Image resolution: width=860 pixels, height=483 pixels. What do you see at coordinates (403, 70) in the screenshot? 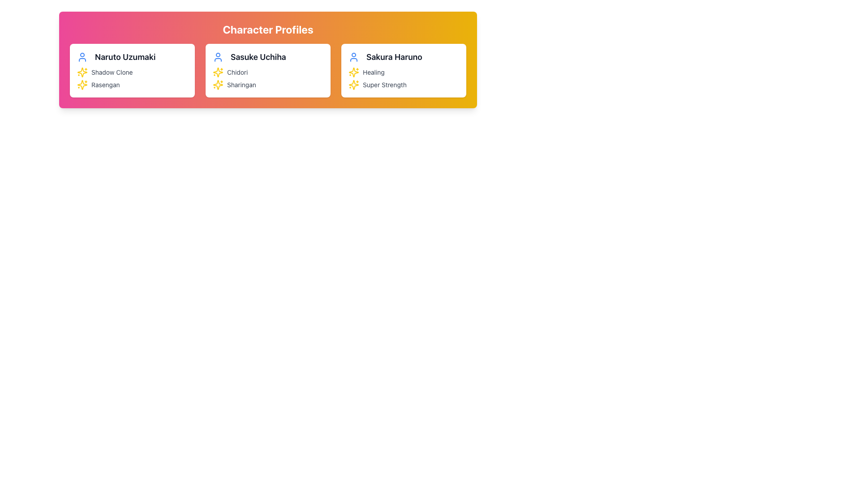
I see `textual content of the character information card for 'Sakura Haruno', which is the third card in a grid layout positioned on the far right` at bounding box center [403, 70].